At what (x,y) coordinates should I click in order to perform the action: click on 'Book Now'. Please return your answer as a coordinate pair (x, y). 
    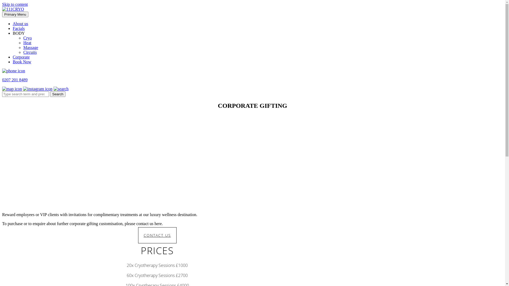
    Looking at the image, I should click on (21, 61).